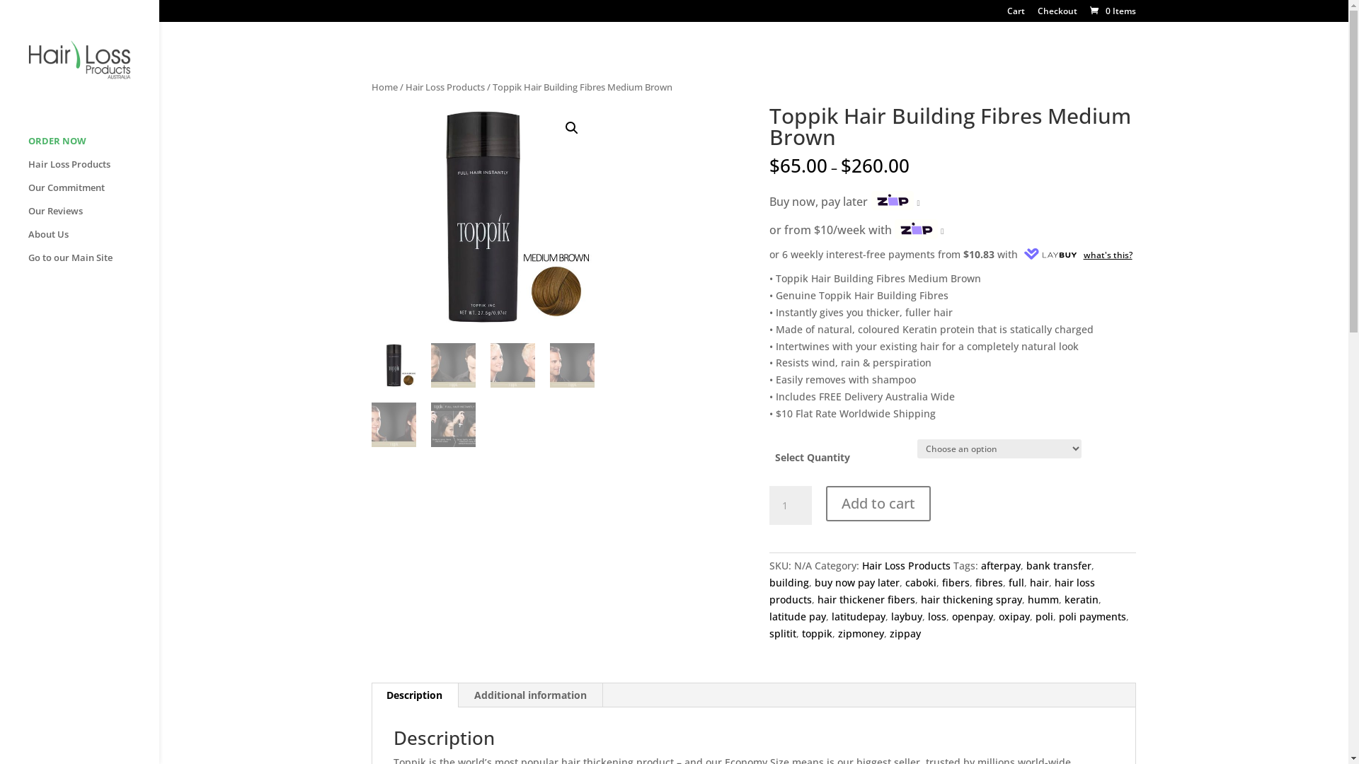 The height and width of the screenshot is (764, 1359). Describe the element at coordinates (781, 632) in the screenshot. I see `'splitit'` at that location.